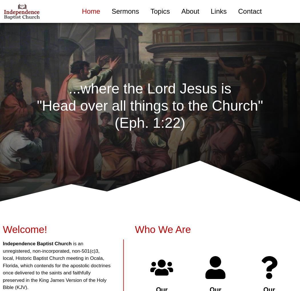  What do you see at coordinates (81, 11) in the screenshot?
I see `'Home'` at bounding box center [81, 11].